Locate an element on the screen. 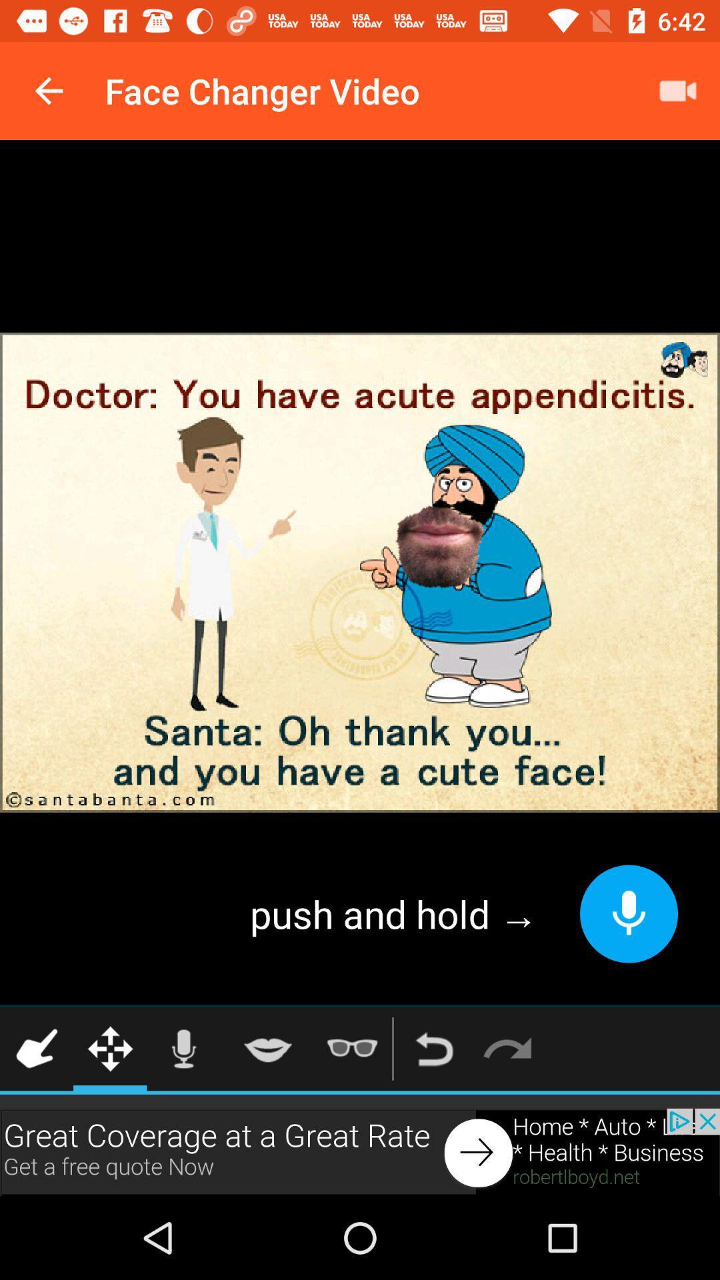 This screenshot has height=1280, width=720. the undo icon is located at coordinates (434, 1048).